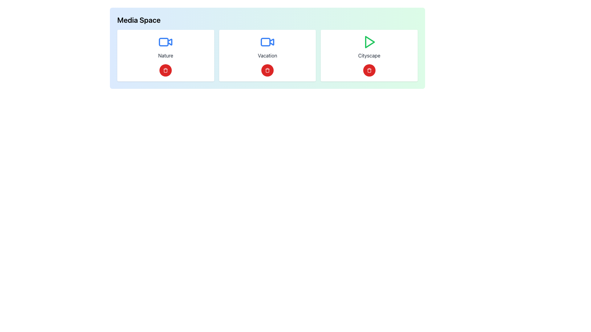  Describe the element at coordinates (267, 56) in the screenshot. I see `the 'Vacation' card in the media management interface to interact with its content` at that location.